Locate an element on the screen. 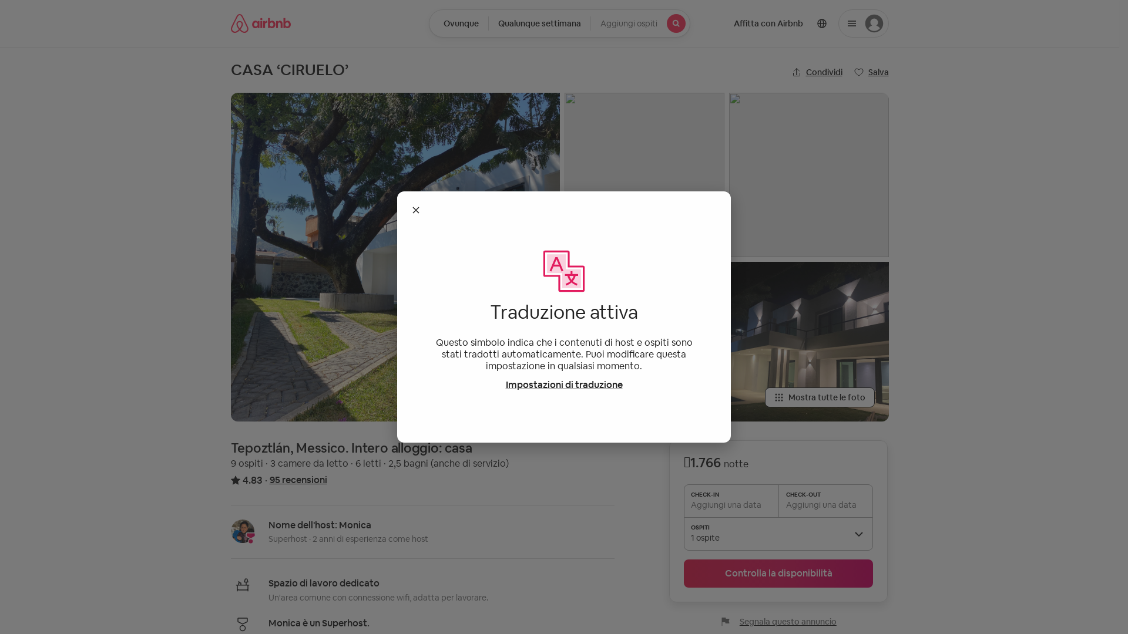  'Salva' is located at coordinates (871, 72).